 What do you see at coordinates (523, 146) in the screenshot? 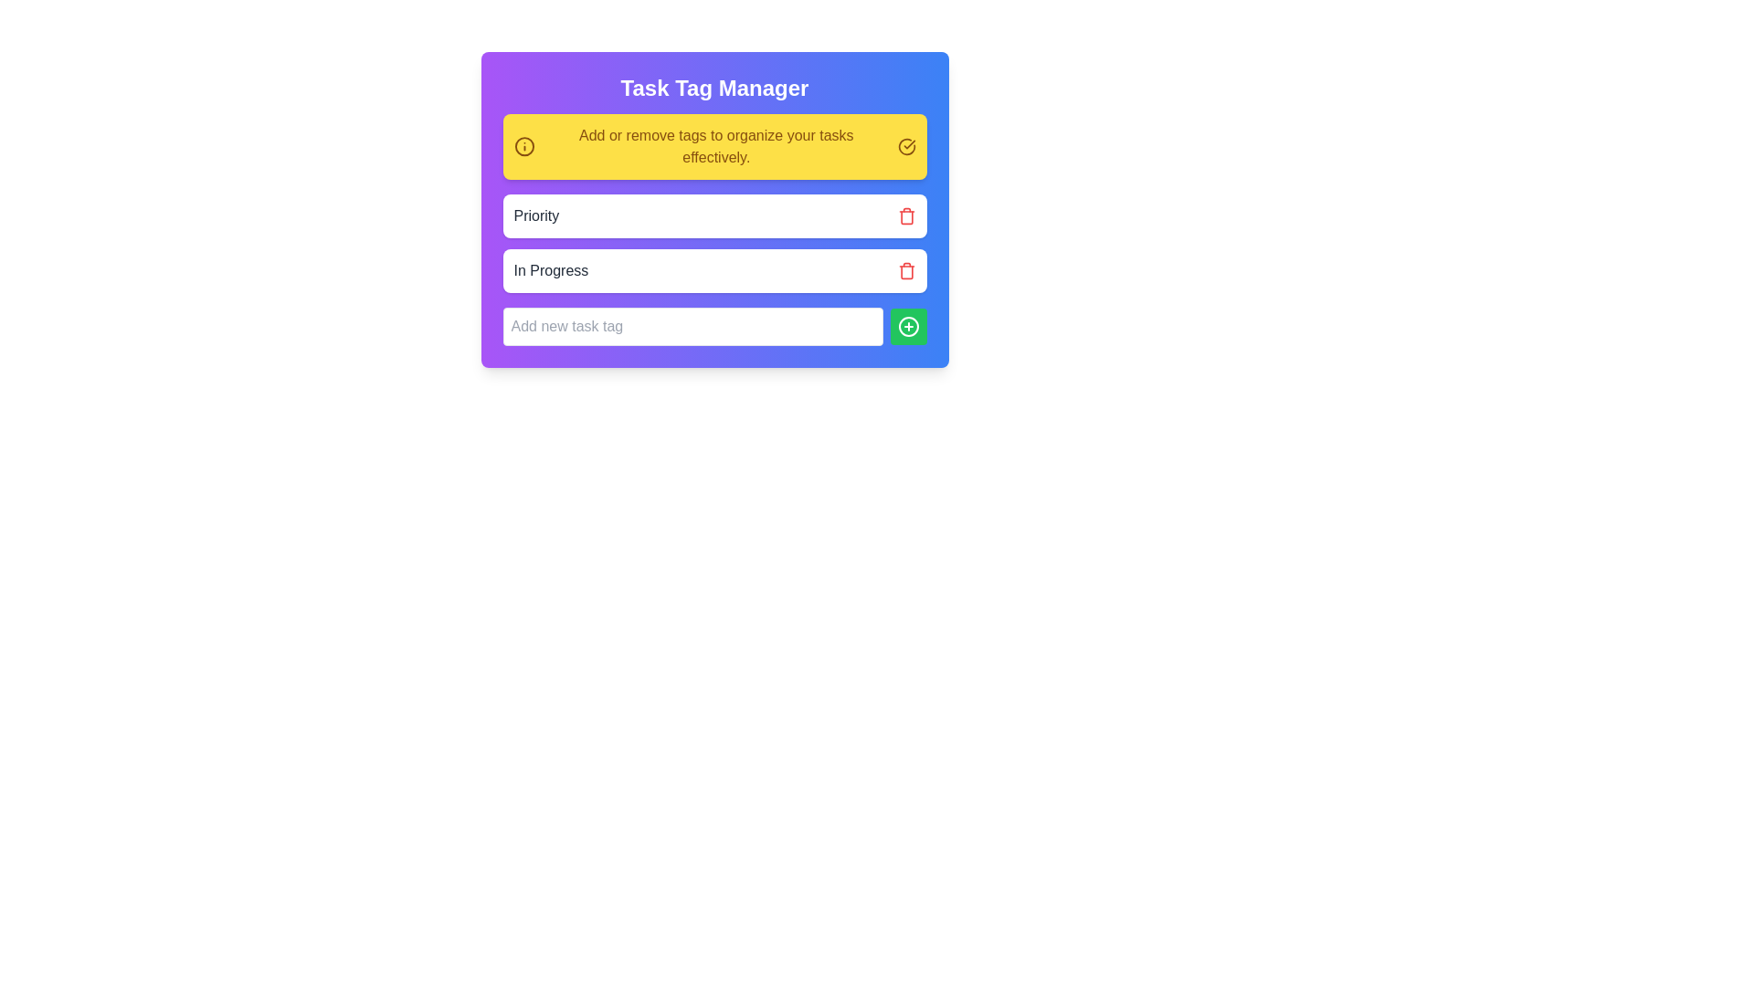
I see `the inner circular part of the SVG graphic, which is located at the top-left corner of a yellow rectangular area within the 'Task Tag Manager' panel` at bounding box center [523, 146].